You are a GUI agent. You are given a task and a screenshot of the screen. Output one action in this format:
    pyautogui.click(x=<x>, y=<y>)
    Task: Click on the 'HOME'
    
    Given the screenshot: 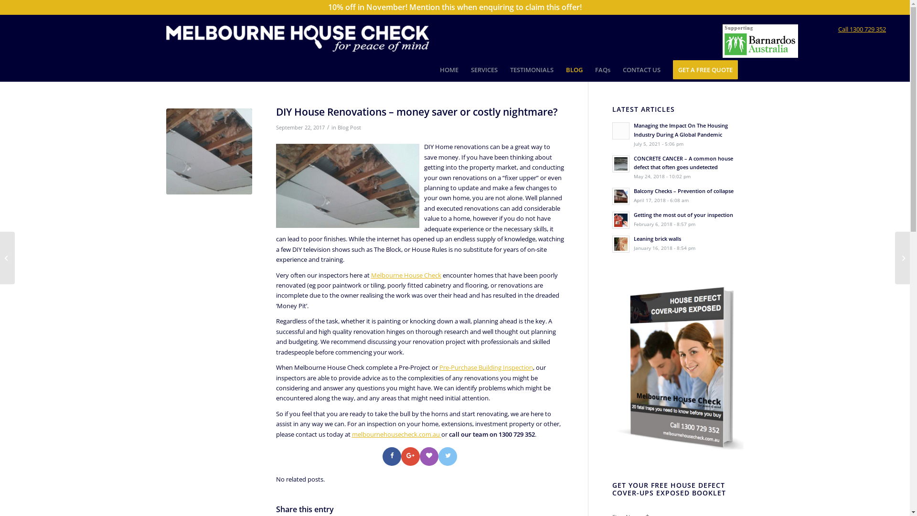 What is the action you would take?
    pyautogui.click(x=448, y=69)
    